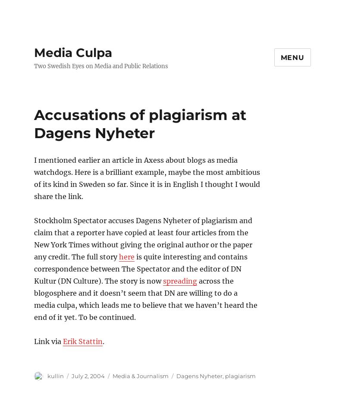  Describe the element at coordinates (103, 341) in the screenshot. I see `'.'` at that location.